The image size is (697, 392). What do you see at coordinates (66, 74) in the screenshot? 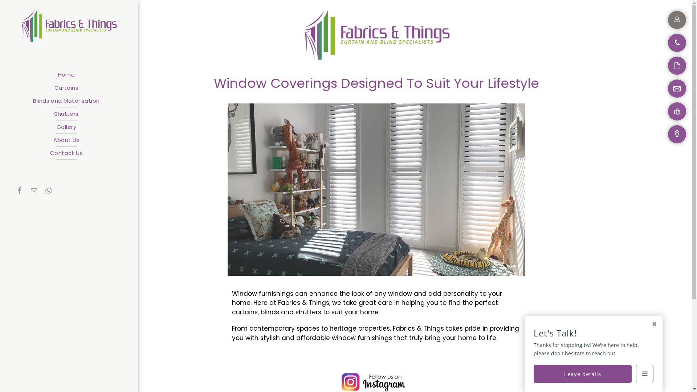
I see `'Home'` at bounding box center [66, 74].